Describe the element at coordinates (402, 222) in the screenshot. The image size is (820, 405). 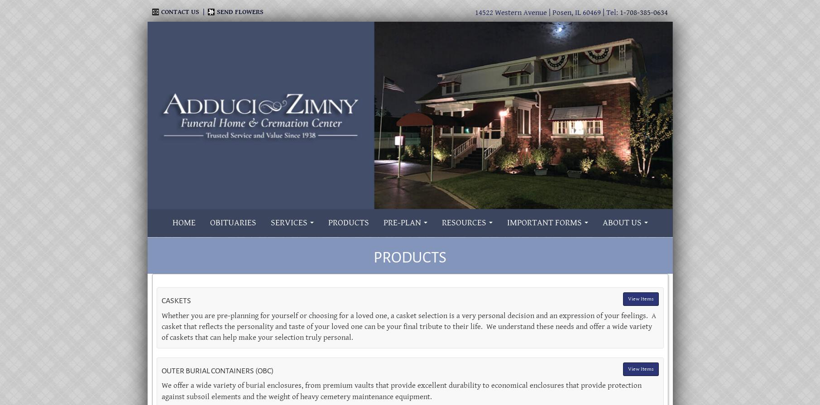
I see `'Pre-Plan'` at that location.